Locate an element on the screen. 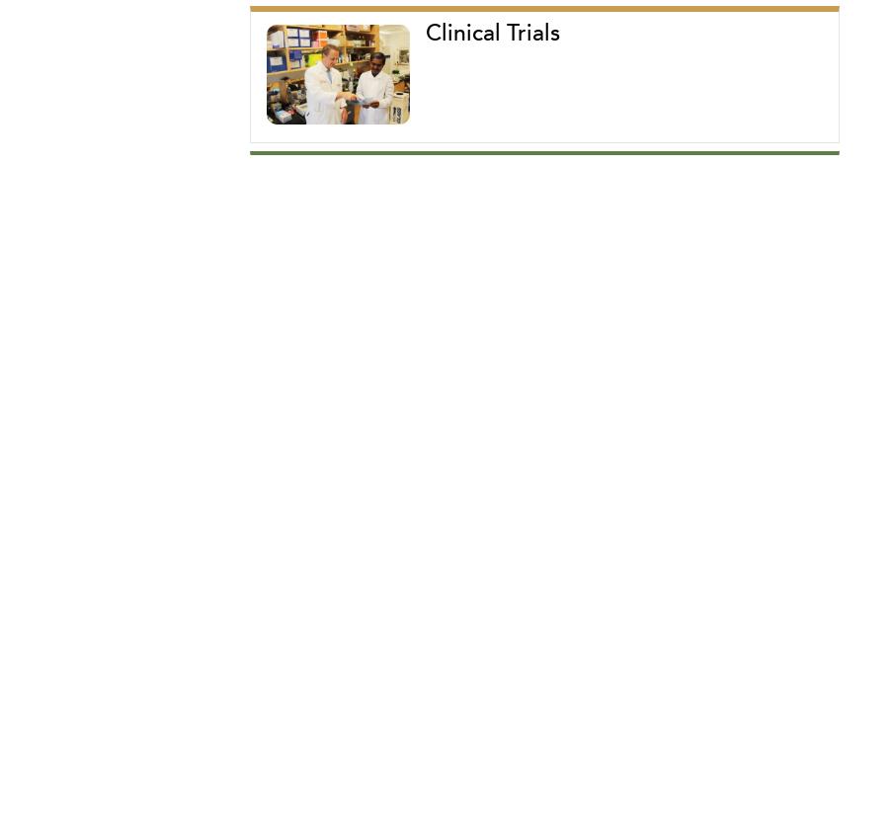  'Publications' is located at coordinates (26, 134).